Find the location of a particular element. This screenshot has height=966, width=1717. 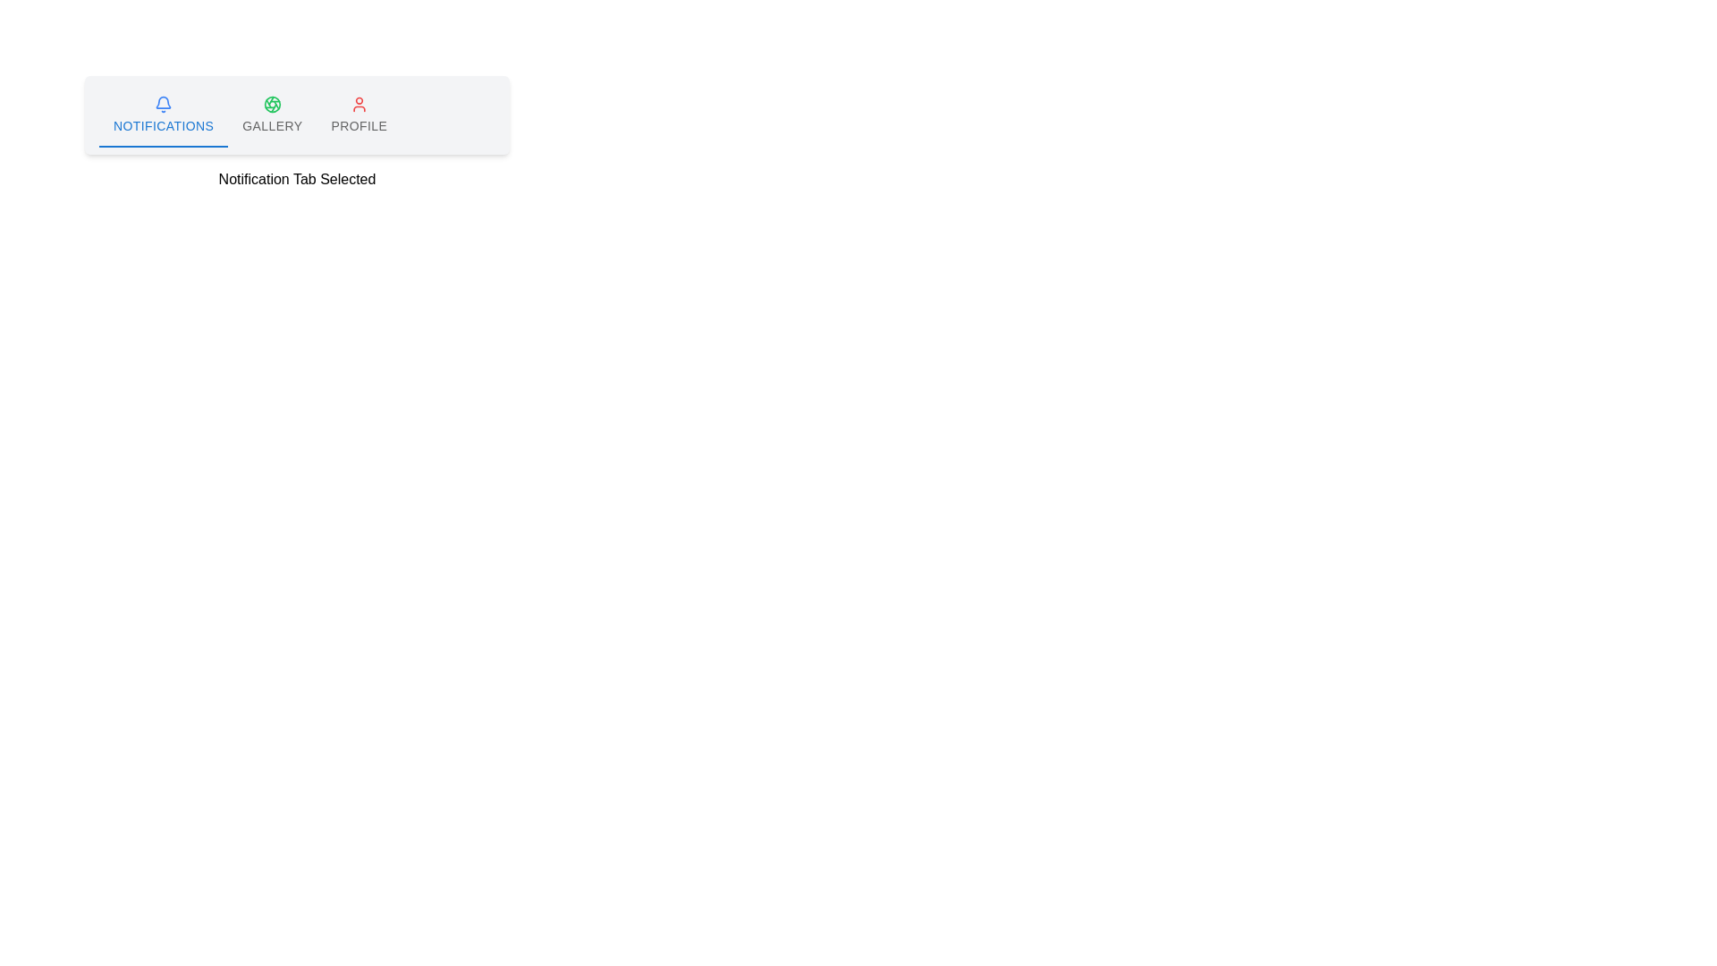

the indicator line that highlights the active tab located at the bottom edge of the 'Notifications' tab in the tab bar is located at coordinates (164, 146).